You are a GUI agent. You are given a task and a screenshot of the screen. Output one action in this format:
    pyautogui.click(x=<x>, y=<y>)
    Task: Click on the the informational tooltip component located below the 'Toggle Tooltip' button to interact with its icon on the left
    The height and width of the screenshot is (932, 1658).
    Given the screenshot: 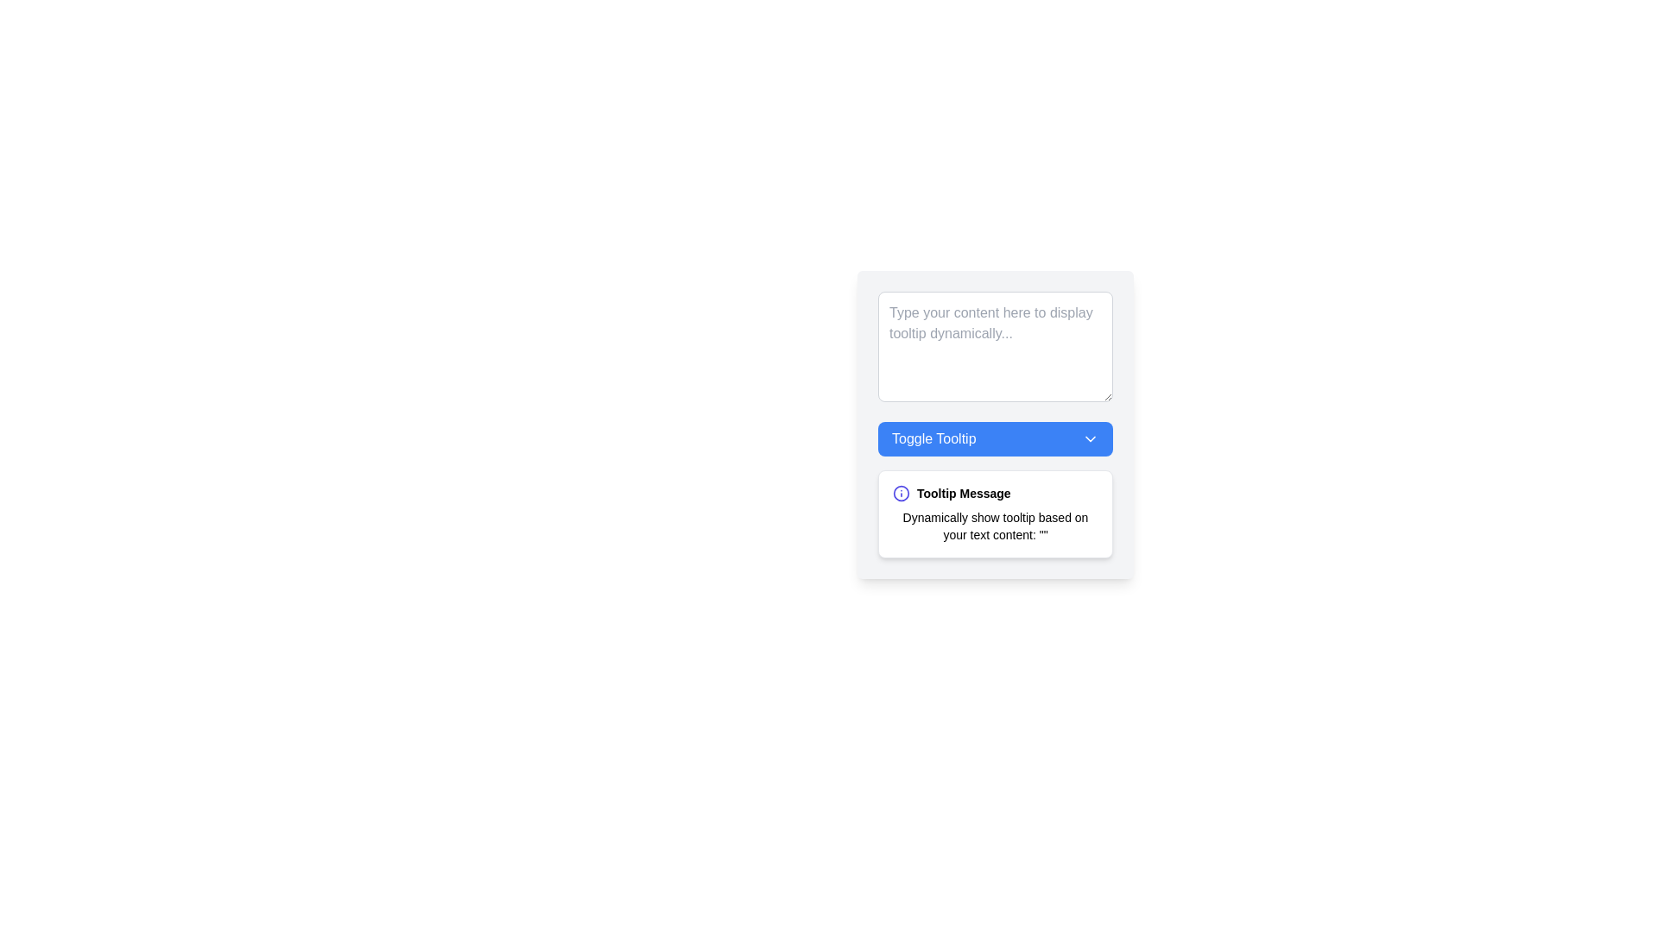 What is the action you would take?
    pyautogui.click(x=995, y=513)
    